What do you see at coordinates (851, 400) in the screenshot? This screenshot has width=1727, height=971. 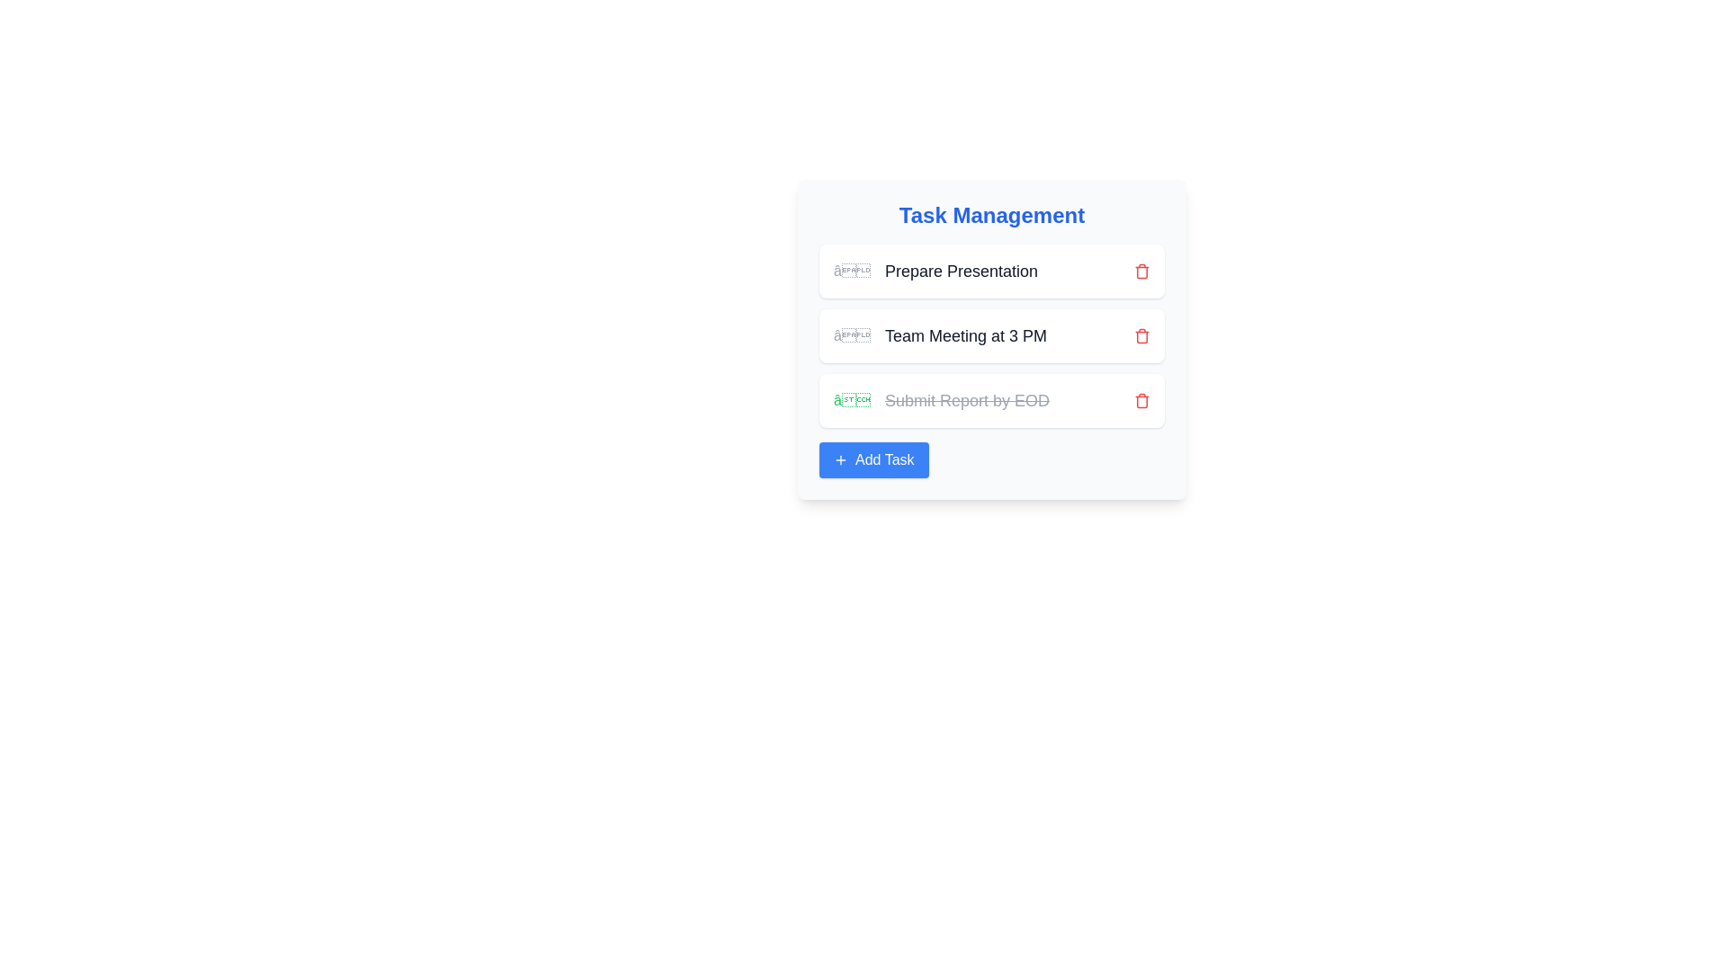 I see `the checkmark icon that indicates task completion to trigger visual feedback` at bounding box center [851, 400].